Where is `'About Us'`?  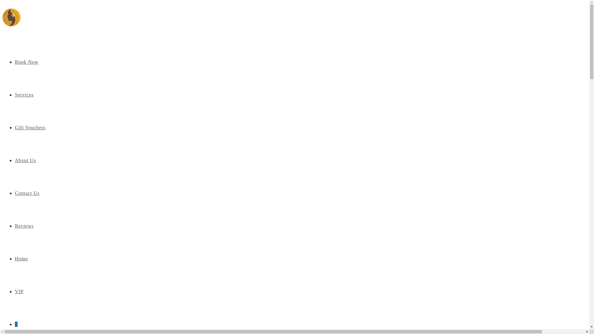
'About Us' is located at coordinates (25, 160).